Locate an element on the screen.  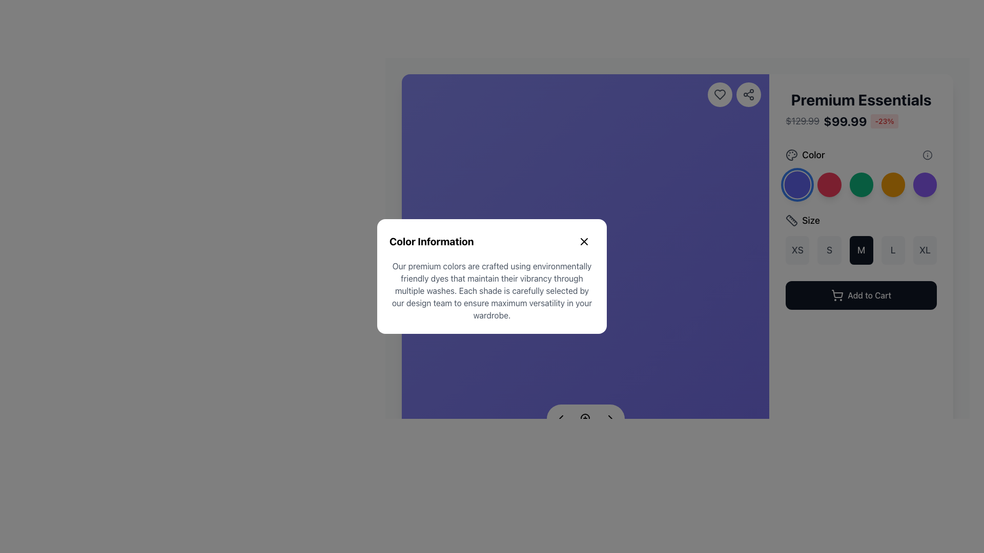
the circular button with a gray background and black chevron arrow icon pointing left, located at the bottom center of the interface is located at coordinates (560, 419).